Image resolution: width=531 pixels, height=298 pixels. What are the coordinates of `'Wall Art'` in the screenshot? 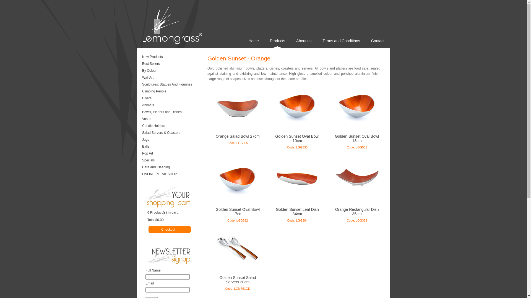 It's located at (171, 78).